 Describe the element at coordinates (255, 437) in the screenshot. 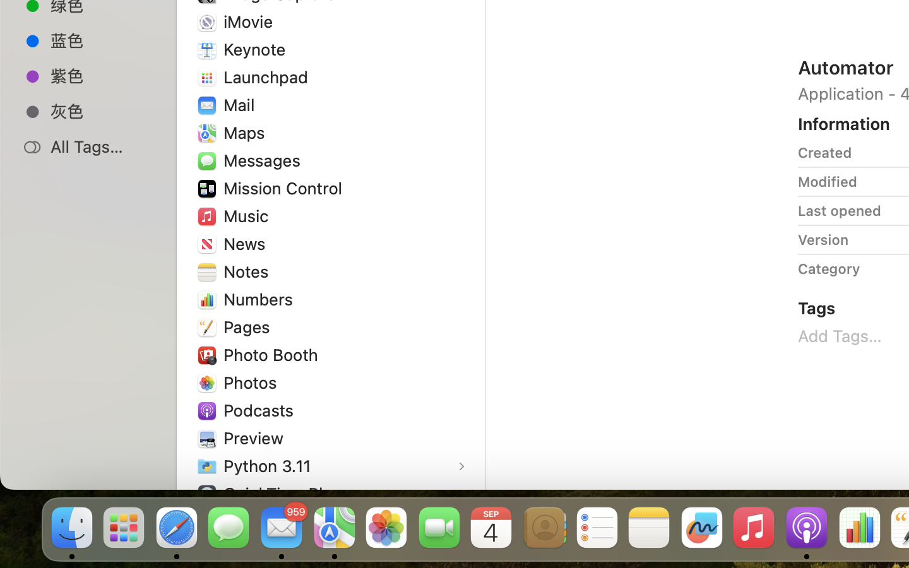

I see `'Preview'` at that location.